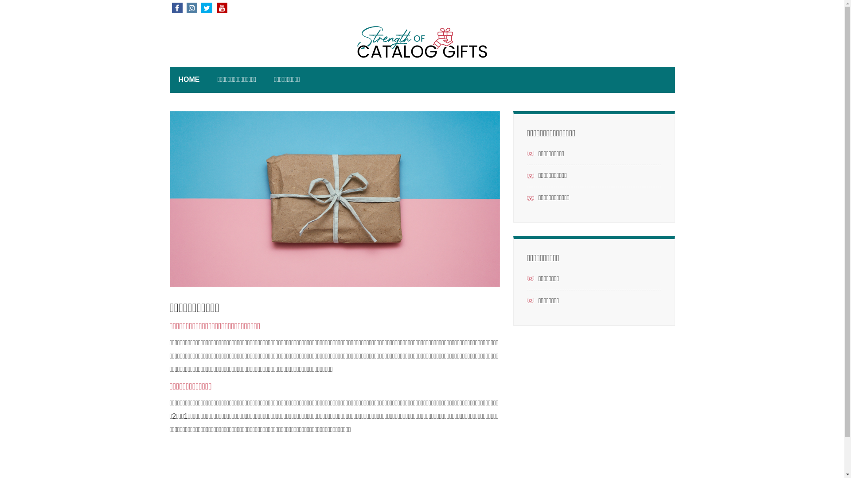 The height and width of the screenshot is (478, 851). Describe the element at coordinates (172, 8) in the screenshot. I see `'FACEBOOK'` at that location.